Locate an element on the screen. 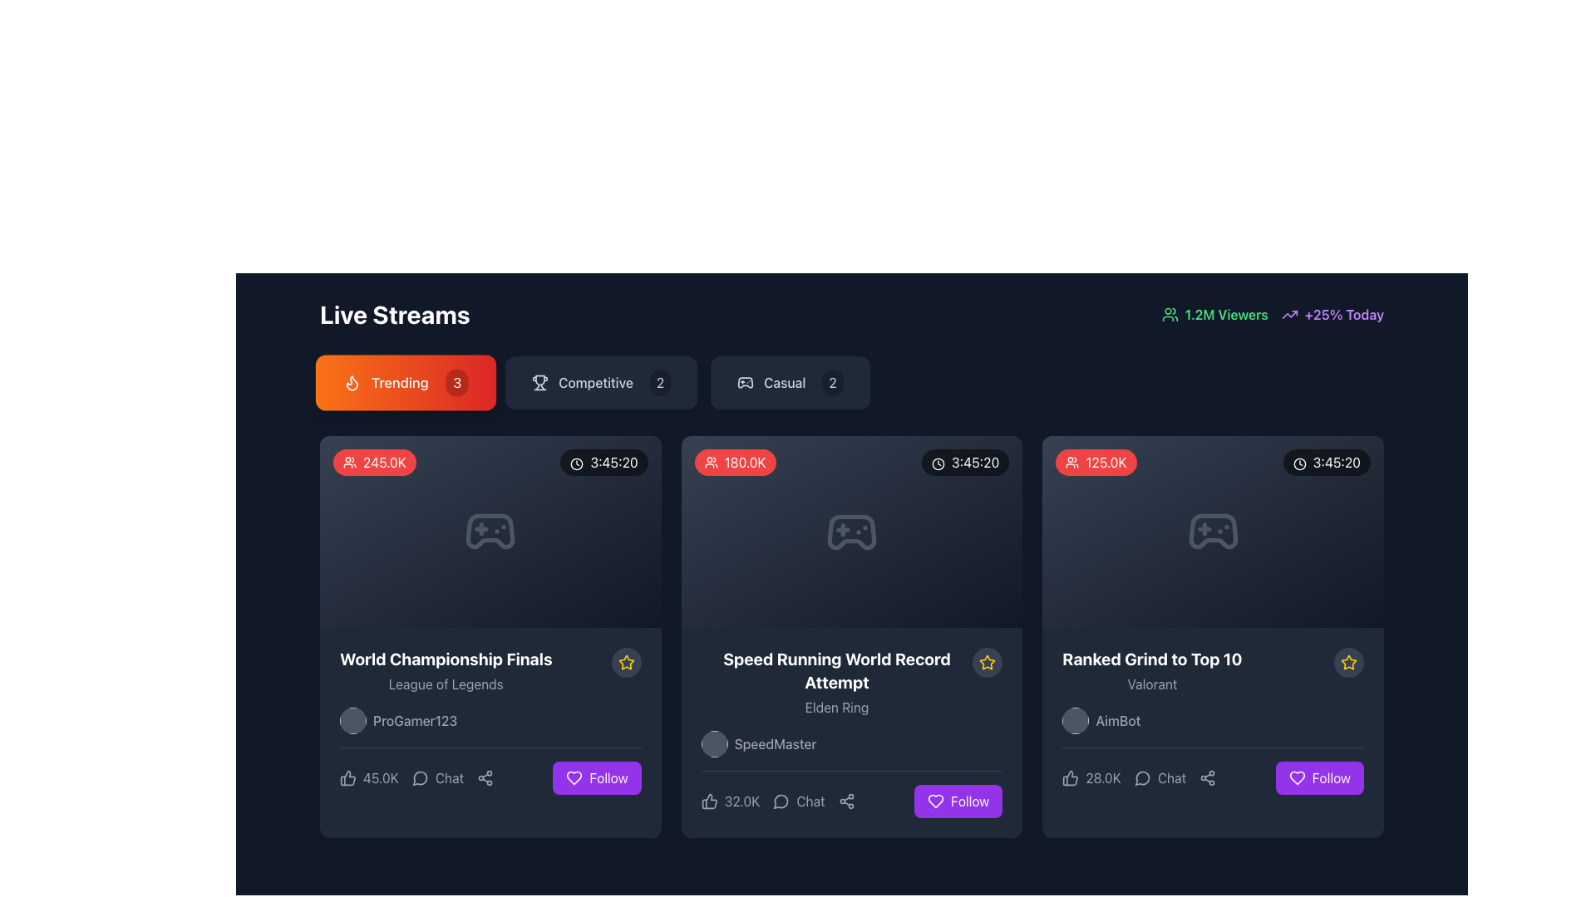 The image size is (1596, 897). the icon that symbolizes the duration of the live stream, located to the left of the text '3:45:20' in the top-right corner of the card displaying 180.0K viewers is located at coordinates (938, 463).